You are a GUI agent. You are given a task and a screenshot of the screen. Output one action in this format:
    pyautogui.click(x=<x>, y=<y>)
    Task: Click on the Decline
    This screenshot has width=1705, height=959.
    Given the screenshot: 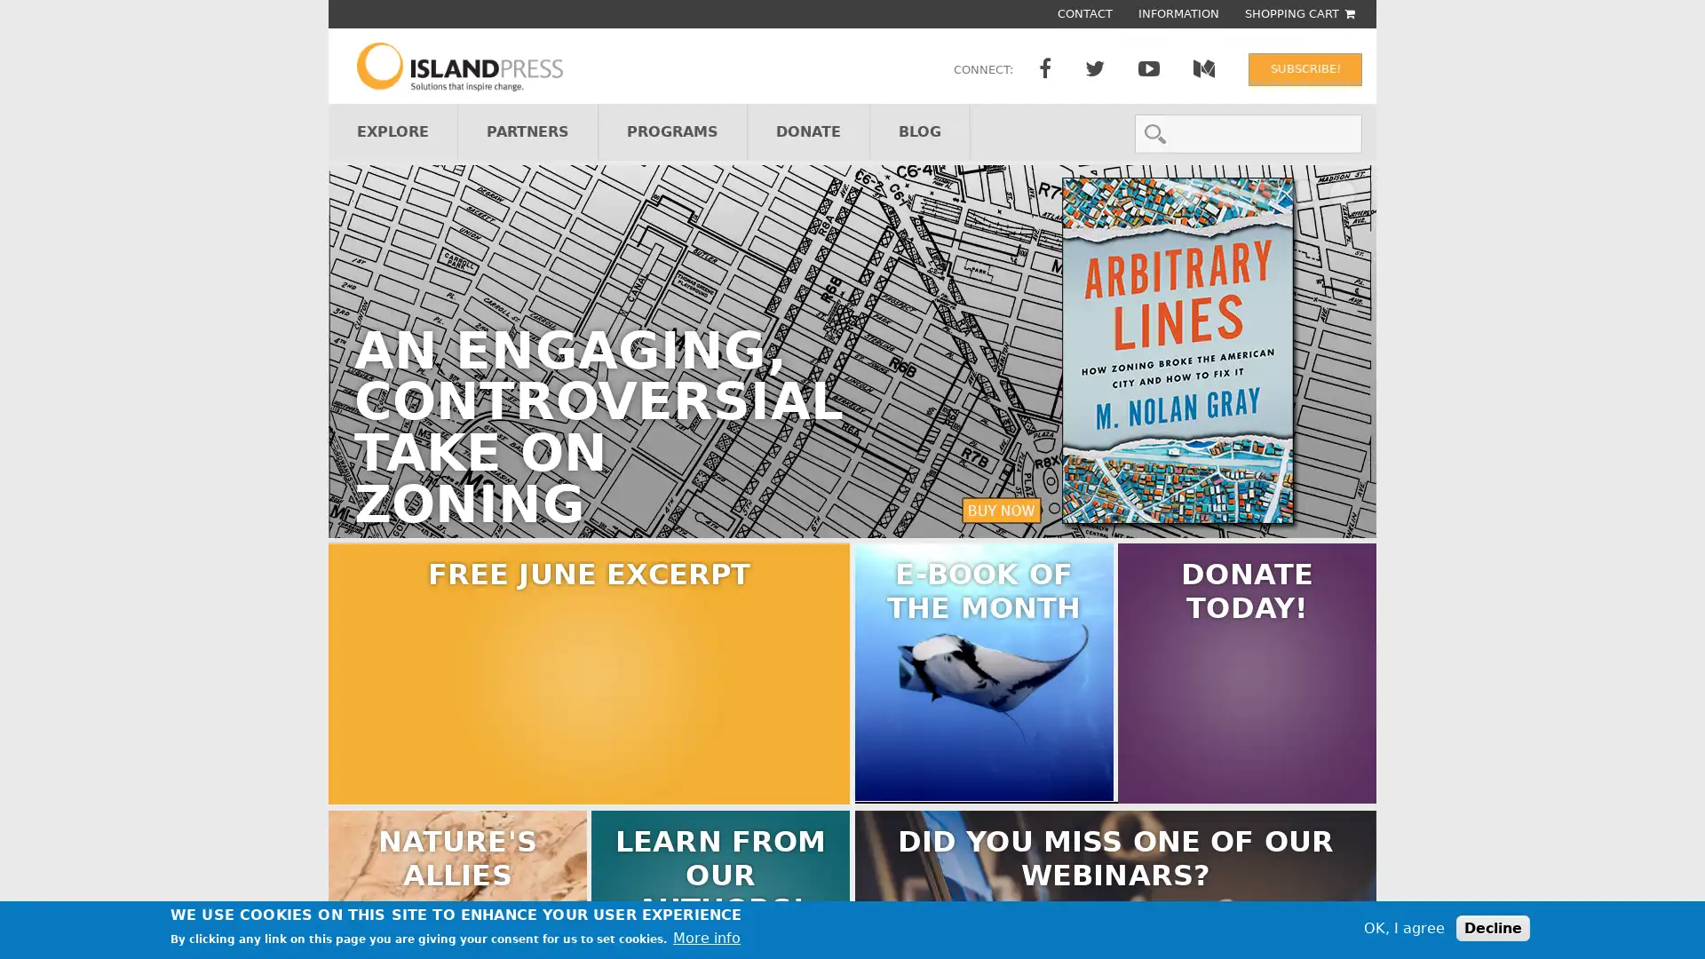 What is the action you would take?
    pyautogui.click(x=1492, y=927)
    